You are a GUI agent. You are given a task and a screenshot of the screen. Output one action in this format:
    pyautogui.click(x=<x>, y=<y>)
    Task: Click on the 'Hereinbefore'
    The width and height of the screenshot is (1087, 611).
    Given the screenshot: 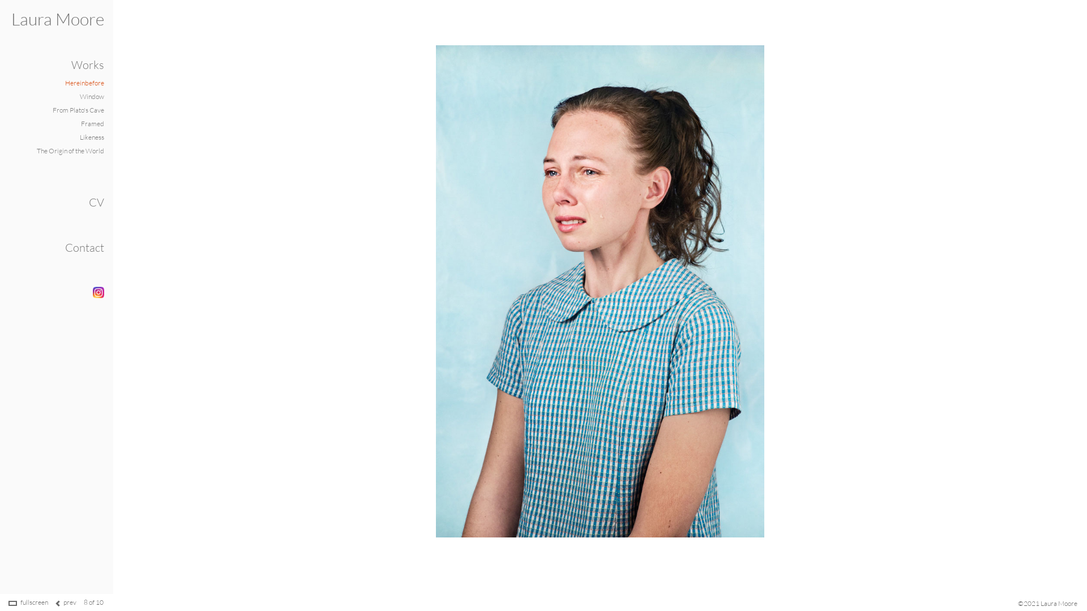 What is the action you would take?
    pyautogui.click(x=84, y=82)
    